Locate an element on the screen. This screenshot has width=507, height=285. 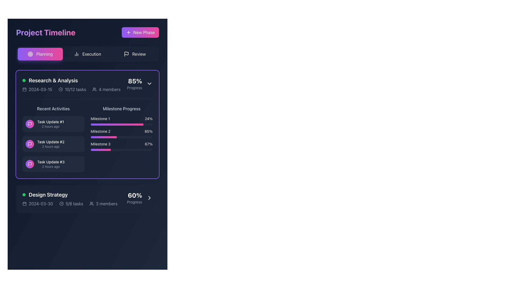
the text label or heading that serves as a title for the recent activities or updates related to tasks, located under the 'Research & Analysis' section is located at coordinates (53, 108).